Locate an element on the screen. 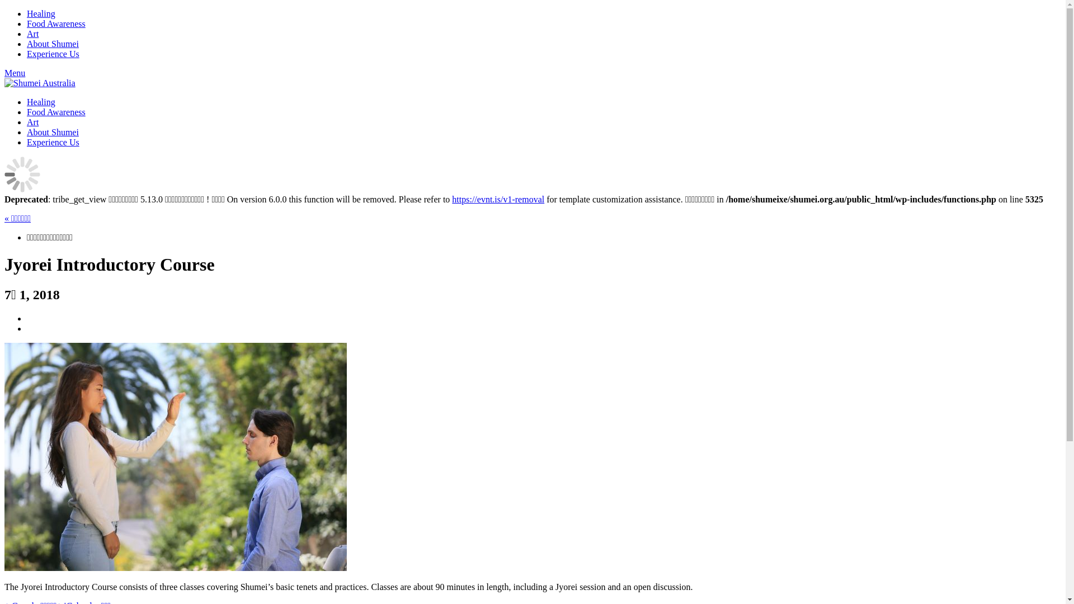 This screenshot has width=1074, height=604. 'Food Awareness' is located at coordinates (55, 23).